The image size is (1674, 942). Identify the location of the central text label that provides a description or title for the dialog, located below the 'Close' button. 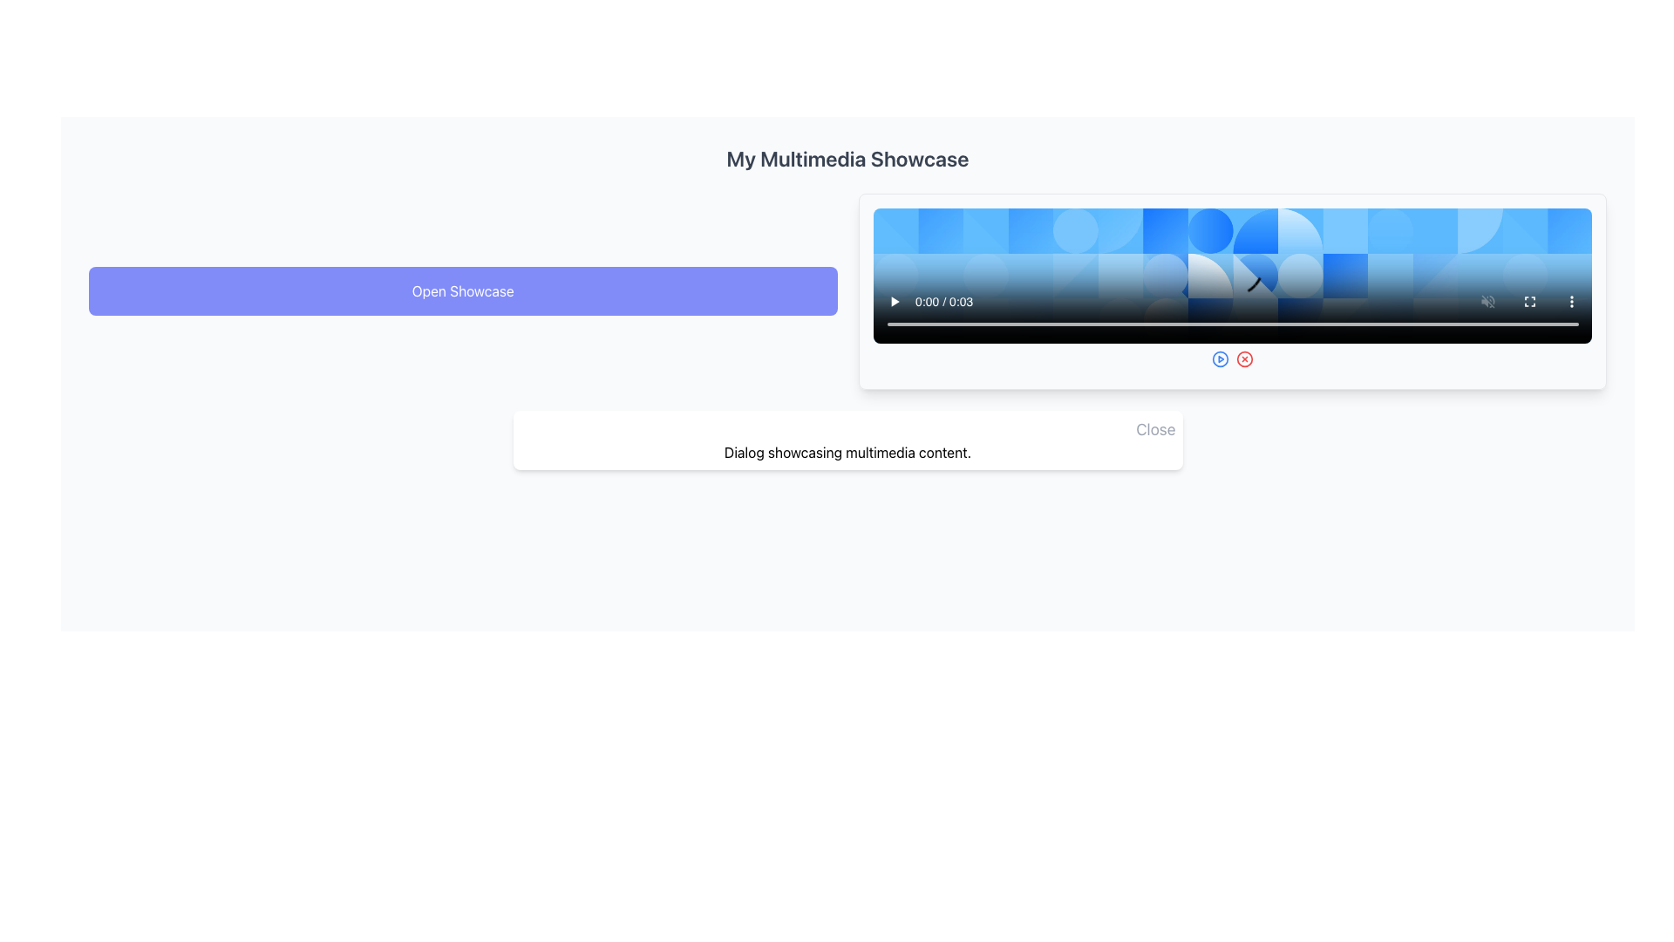
(847, 451).